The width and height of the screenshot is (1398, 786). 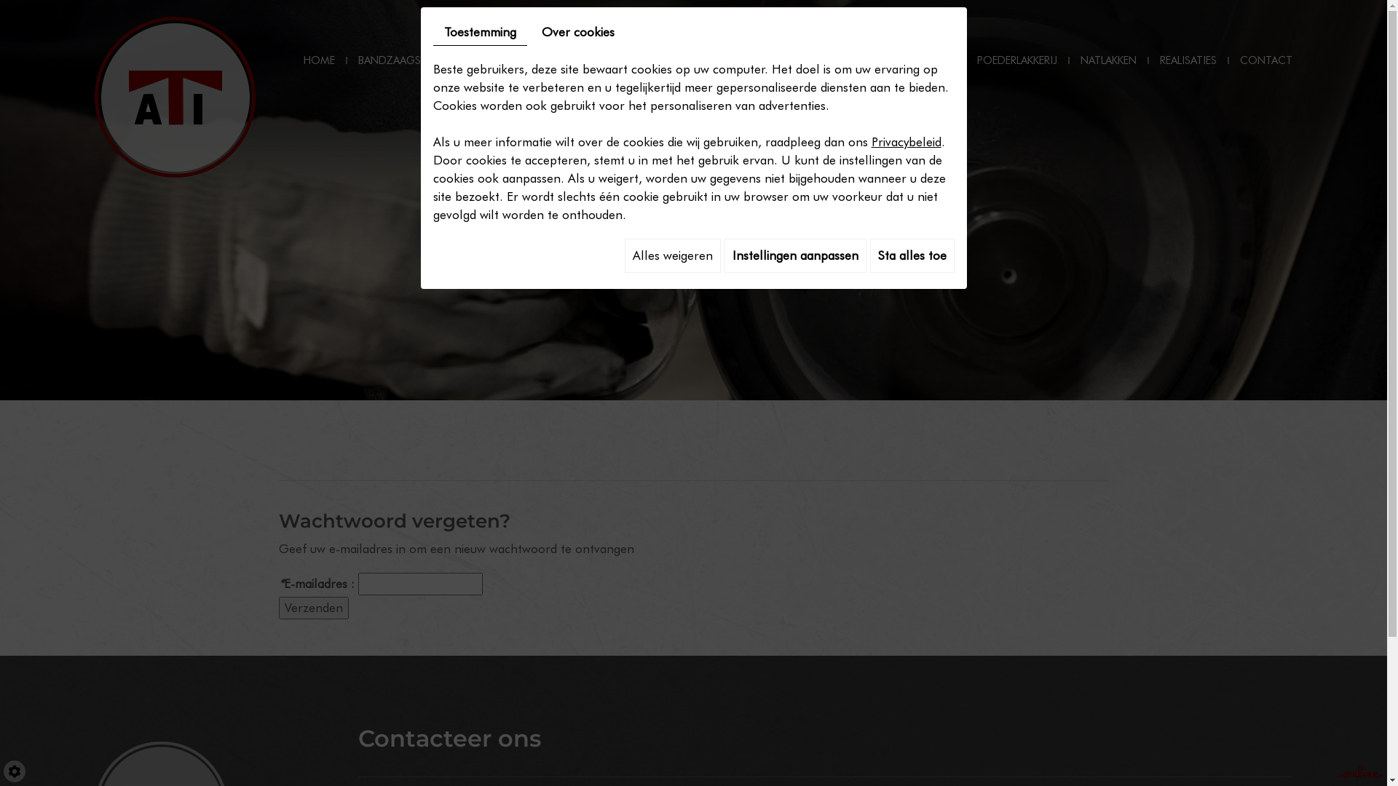 What do you see at coordinates (576, 32) in the screenshot?
I see `'Over cookies'` at bounding box center [576, 32].